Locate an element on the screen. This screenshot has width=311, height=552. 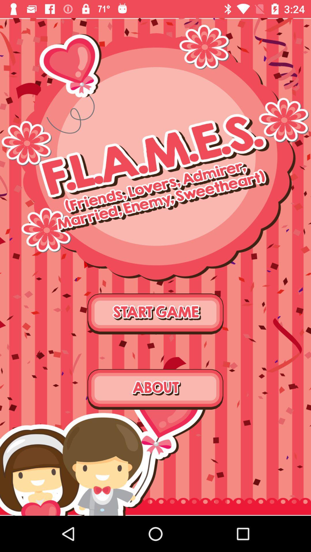
open about is located at coordinates (155, 389).